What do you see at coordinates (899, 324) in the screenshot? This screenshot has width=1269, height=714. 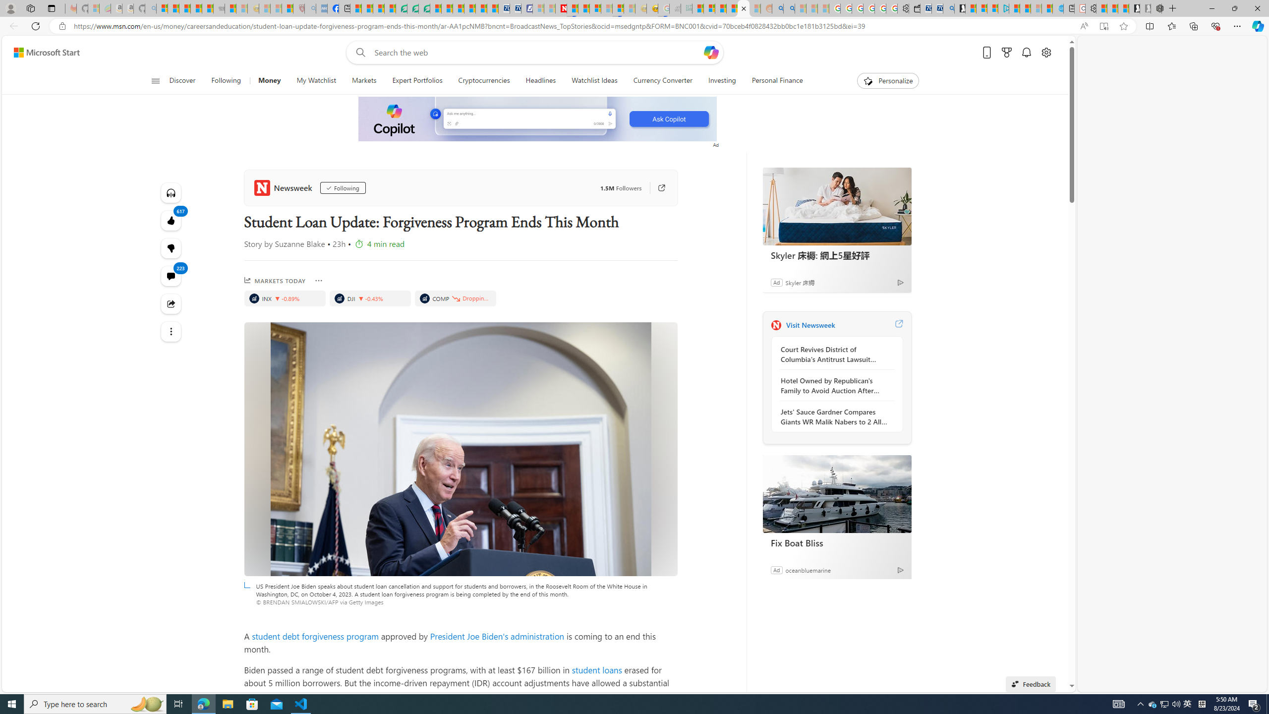 I see `'Visit Newsweek website'` at bounding box center [899, 324].